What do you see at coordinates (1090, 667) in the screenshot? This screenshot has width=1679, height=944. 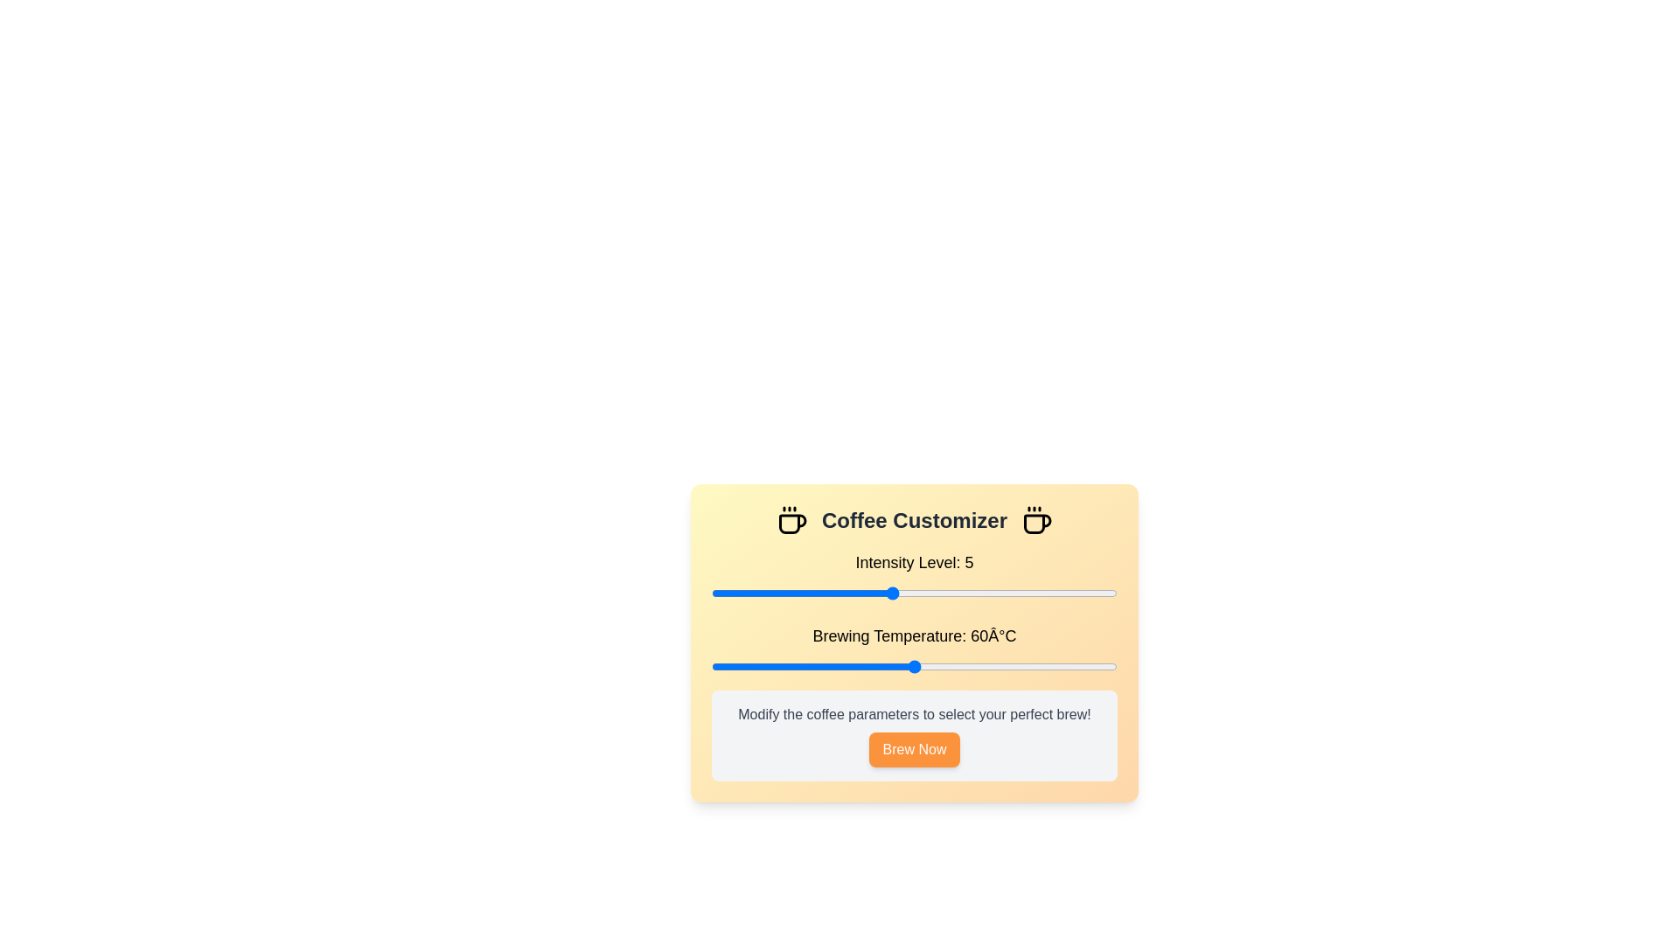 I see `the brewing temperature slider to 86°C` at bounding box center [1090, 667].